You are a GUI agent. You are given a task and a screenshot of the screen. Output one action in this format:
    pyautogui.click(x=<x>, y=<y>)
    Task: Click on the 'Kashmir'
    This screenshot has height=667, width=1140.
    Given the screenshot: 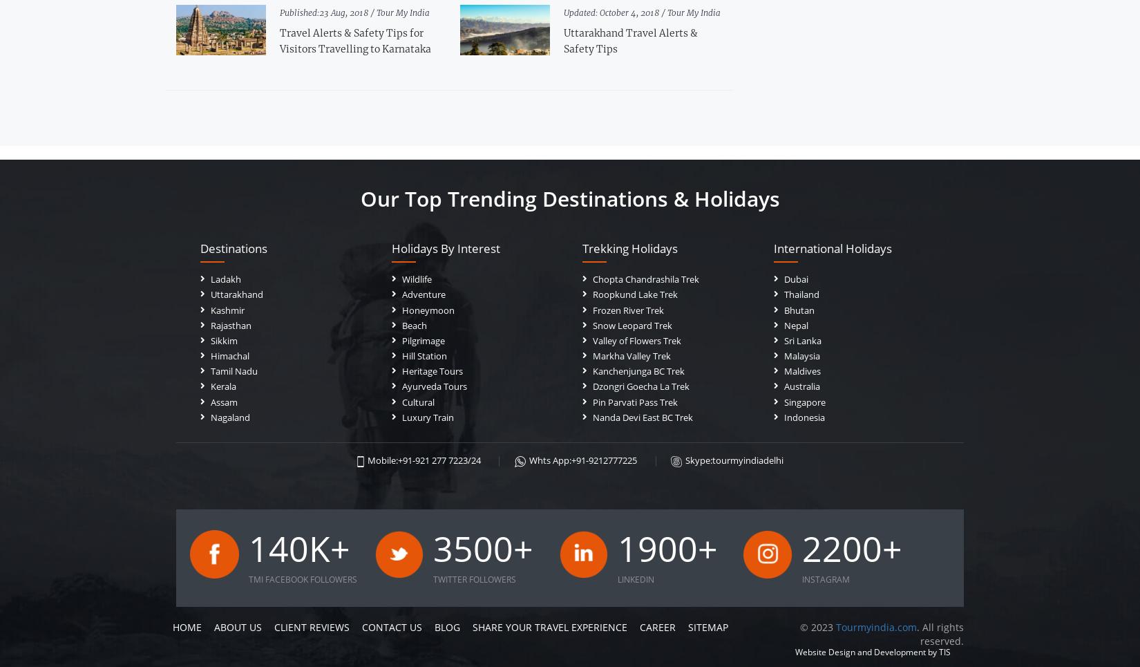 What is the action you would take?
    pyautogui.click(x=227, y=308)
    